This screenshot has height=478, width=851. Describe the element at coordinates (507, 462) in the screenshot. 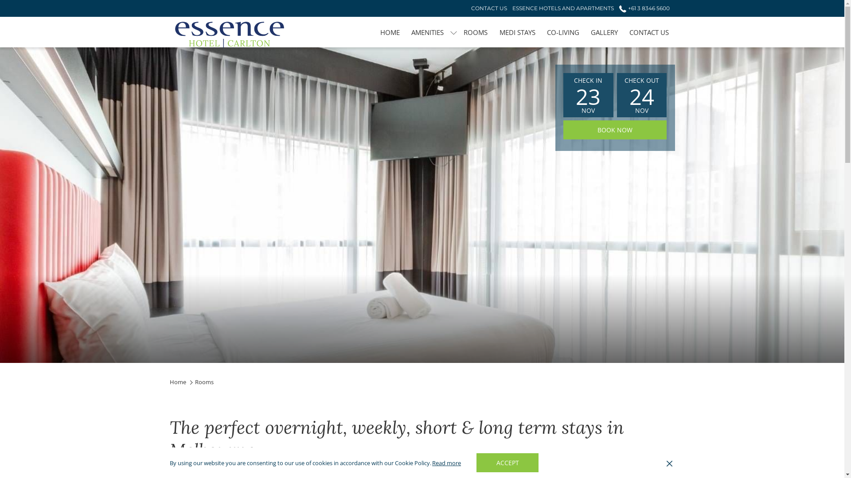

I see `'ACCEPT'` at that location.